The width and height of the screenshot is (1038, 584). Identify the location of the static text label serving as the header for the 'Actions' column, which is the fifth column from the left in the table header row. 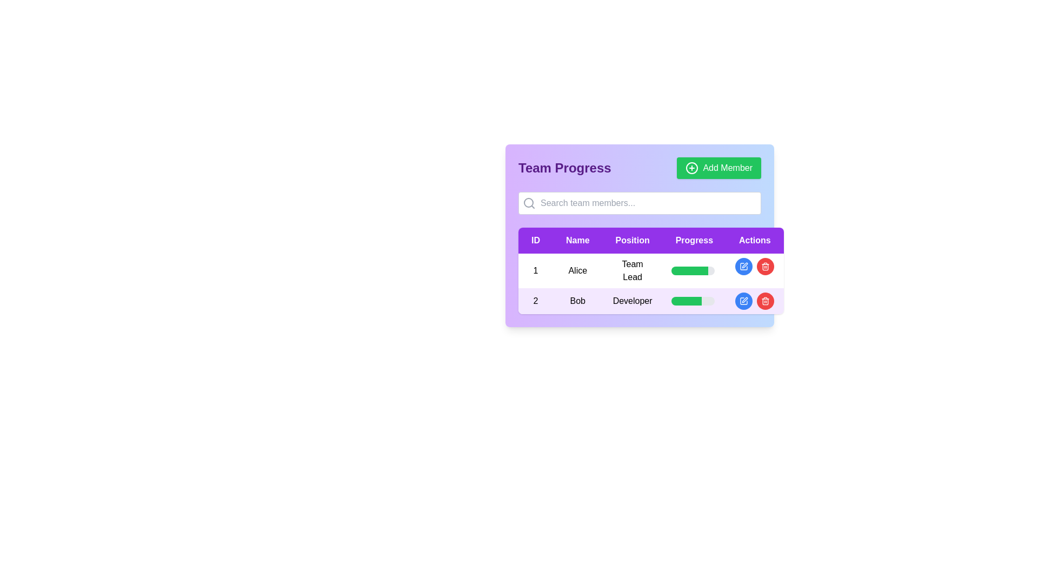
(754, 240).